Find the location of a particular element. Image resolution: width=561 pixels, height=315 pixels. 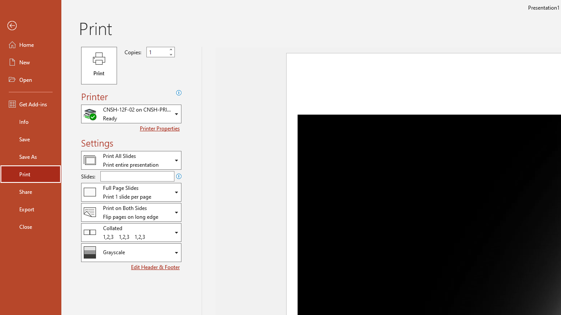

'Printer Properties' is located at coordinates (160, 128).